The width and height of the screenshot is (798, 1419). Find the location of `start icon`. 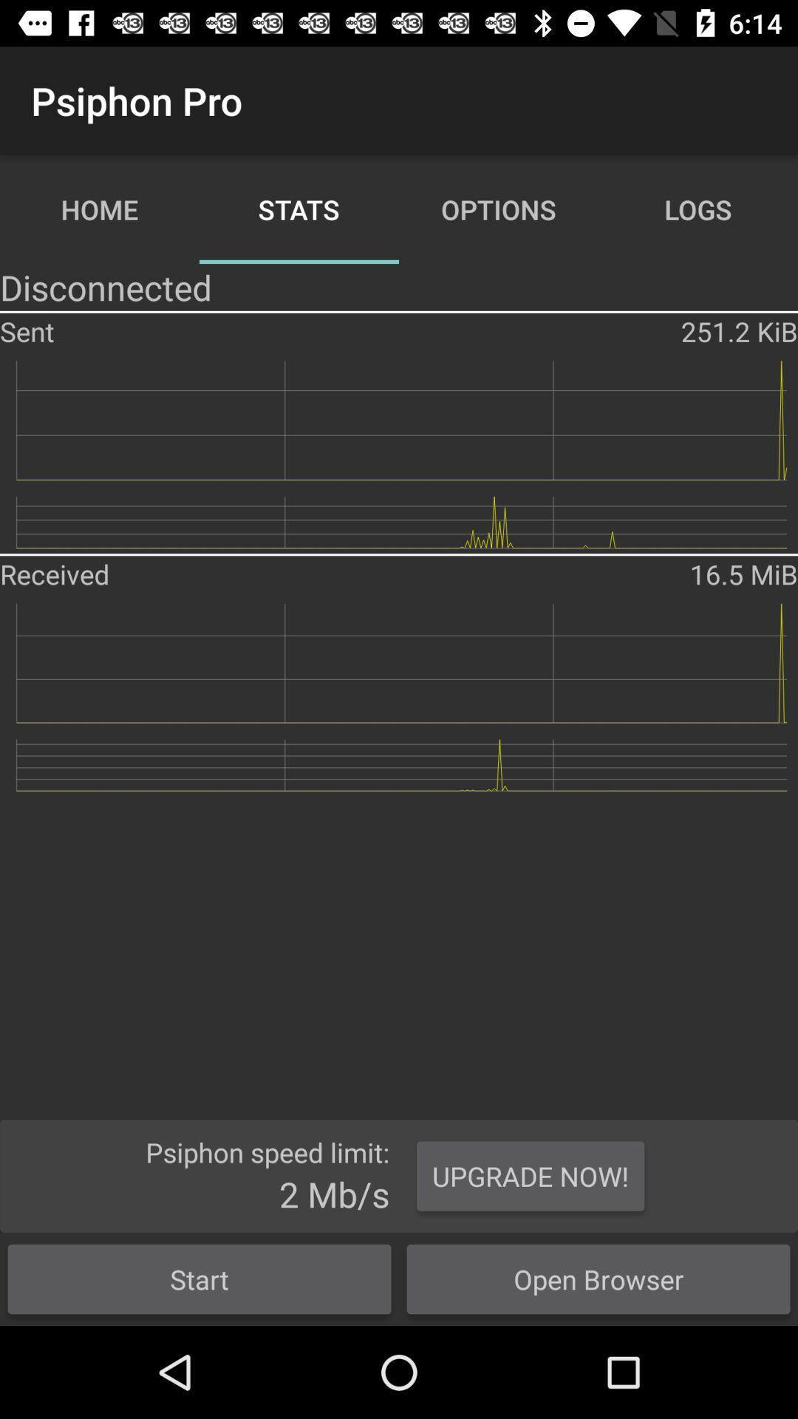

start icon is located at coordinates (199, 1279).